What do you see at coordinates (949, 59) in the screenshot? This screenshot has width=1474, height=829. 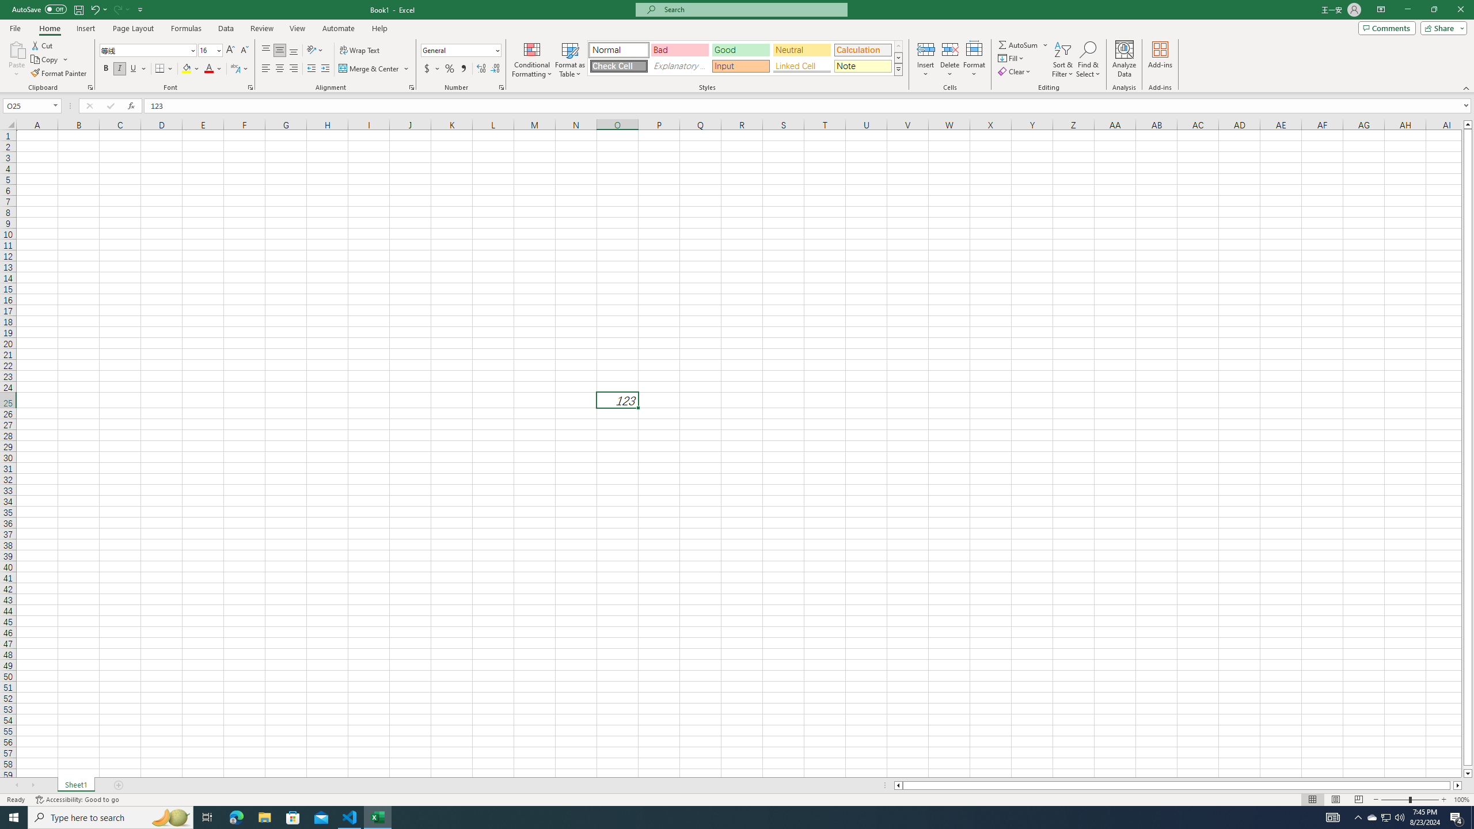 I see `'Delete'` at bounding box center [949, 59].